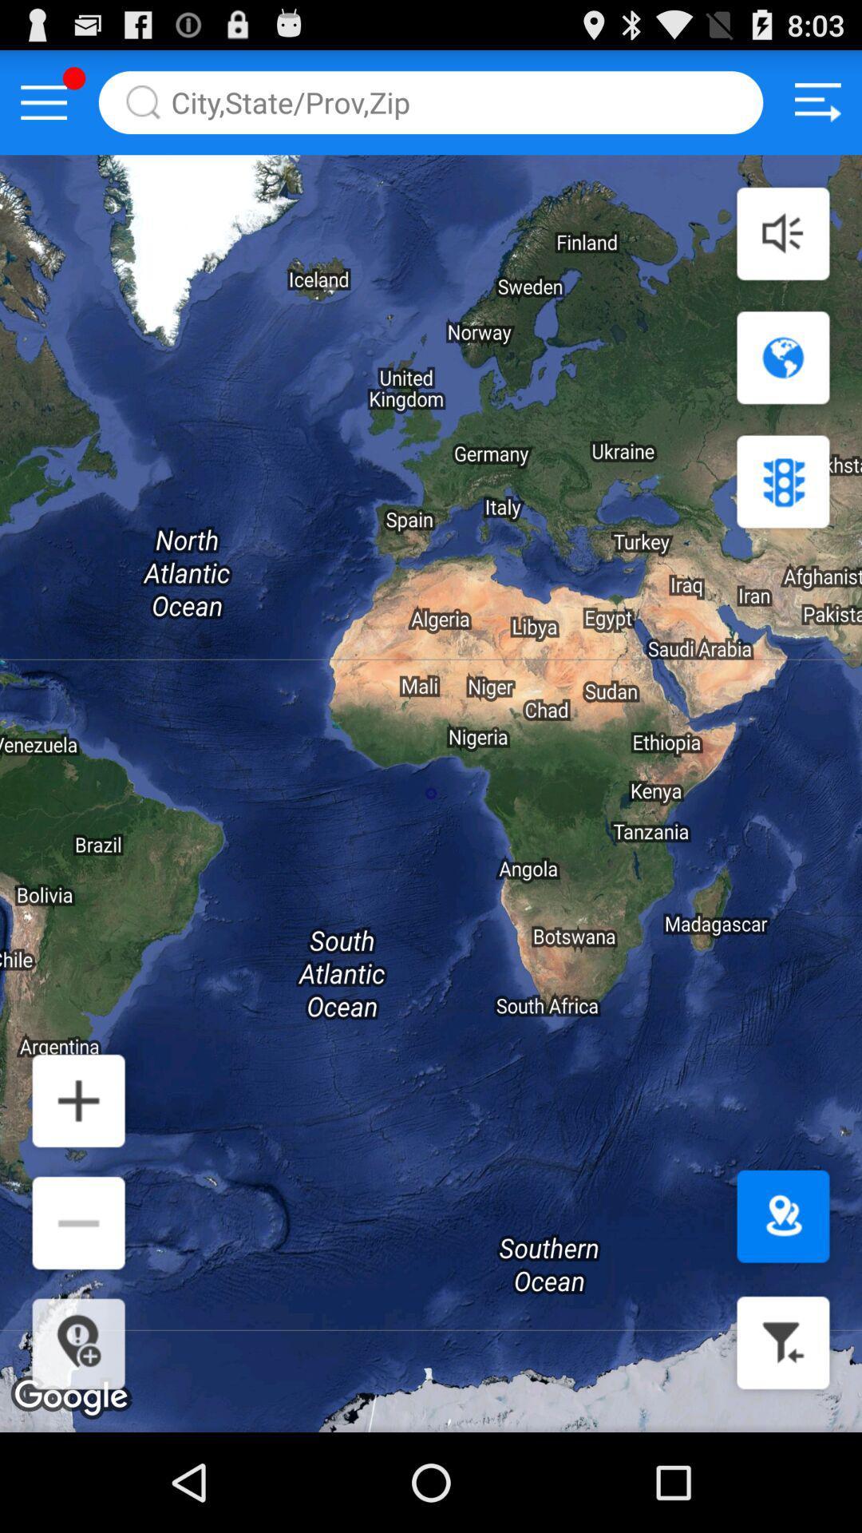 Image resolution: width=862 pixels, height=1533 pixels. What do you see at coordinates (43, 109) in the screenshot?
I see `the menu icon` at bounding box center [43, 109].